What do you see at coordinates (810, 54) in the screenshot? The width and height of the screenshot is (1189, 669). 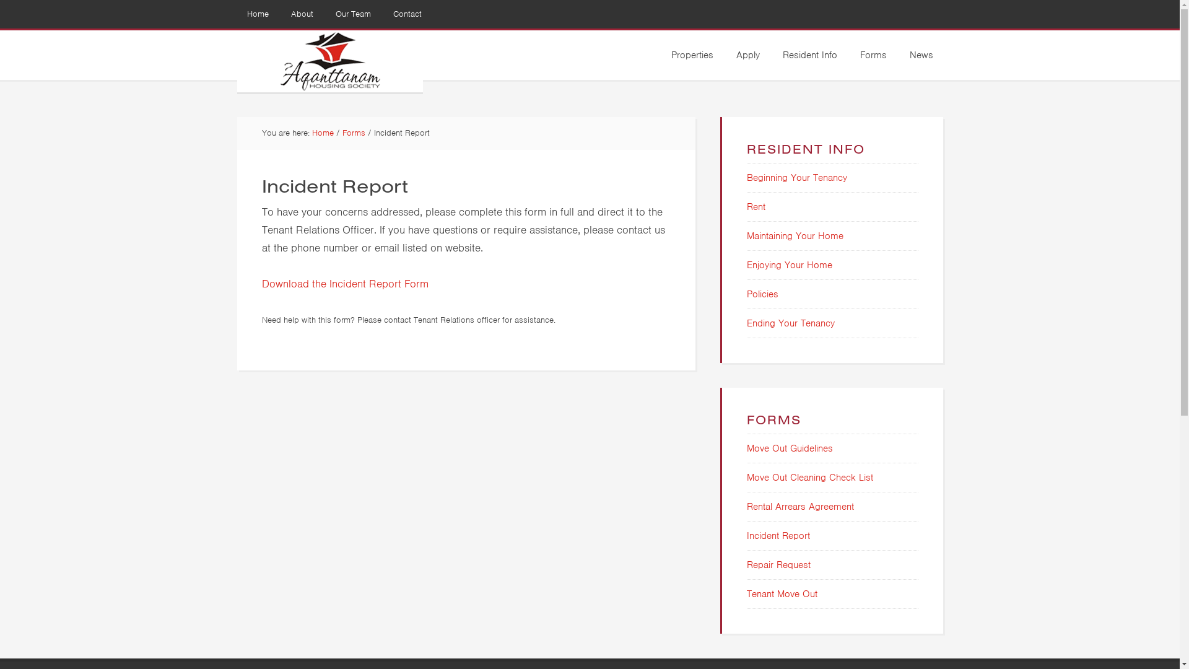 I see `'Resident Info'` at bounding box center [810, 54].